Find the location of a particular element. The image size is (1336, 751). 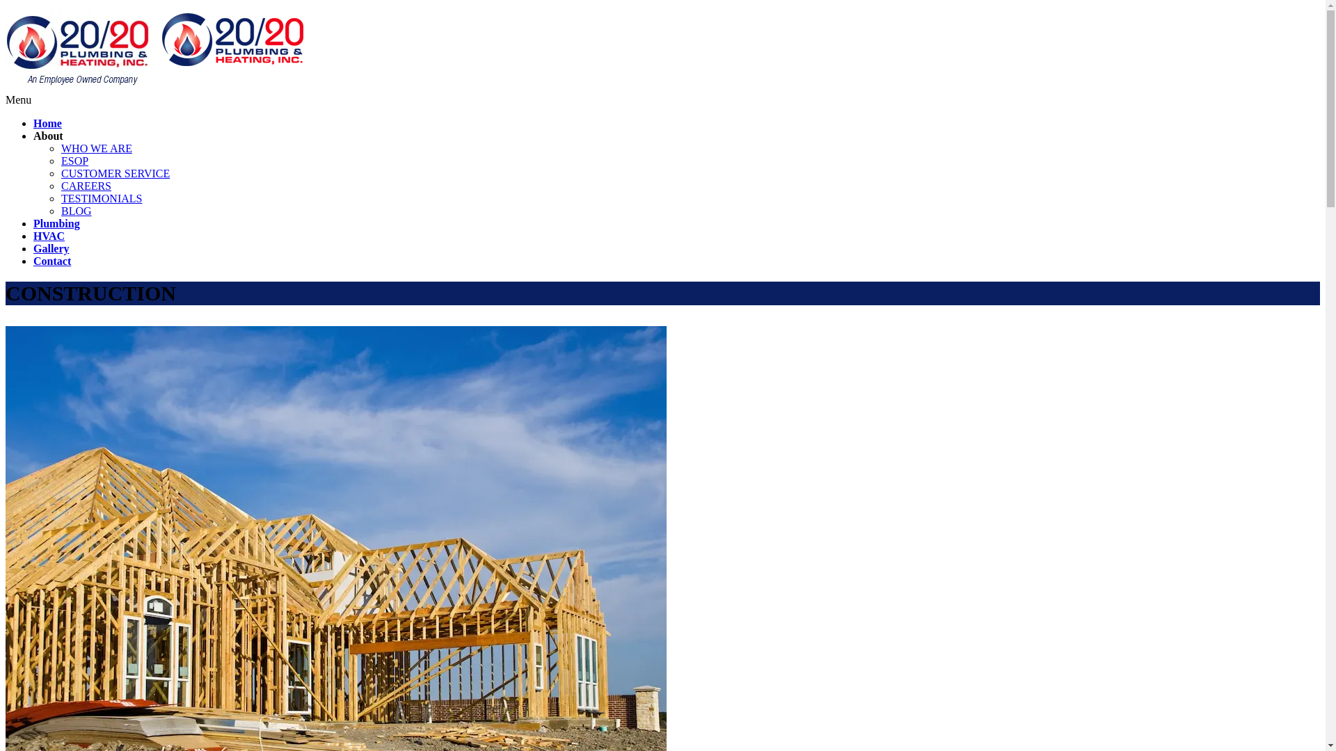

'Gallery' is located at coordinates (51, 248).